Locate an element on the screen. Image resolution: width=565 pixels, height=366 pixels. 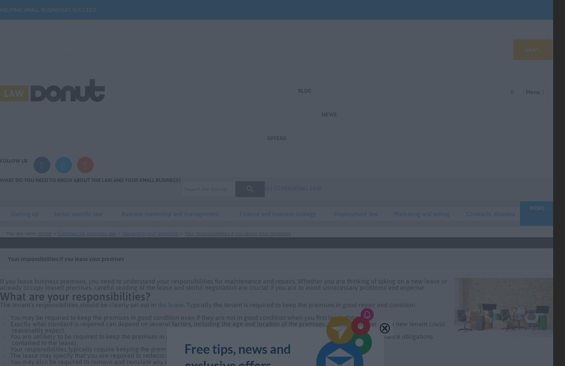
'What are your responsibilities?' is located at coordinates (75, 296).